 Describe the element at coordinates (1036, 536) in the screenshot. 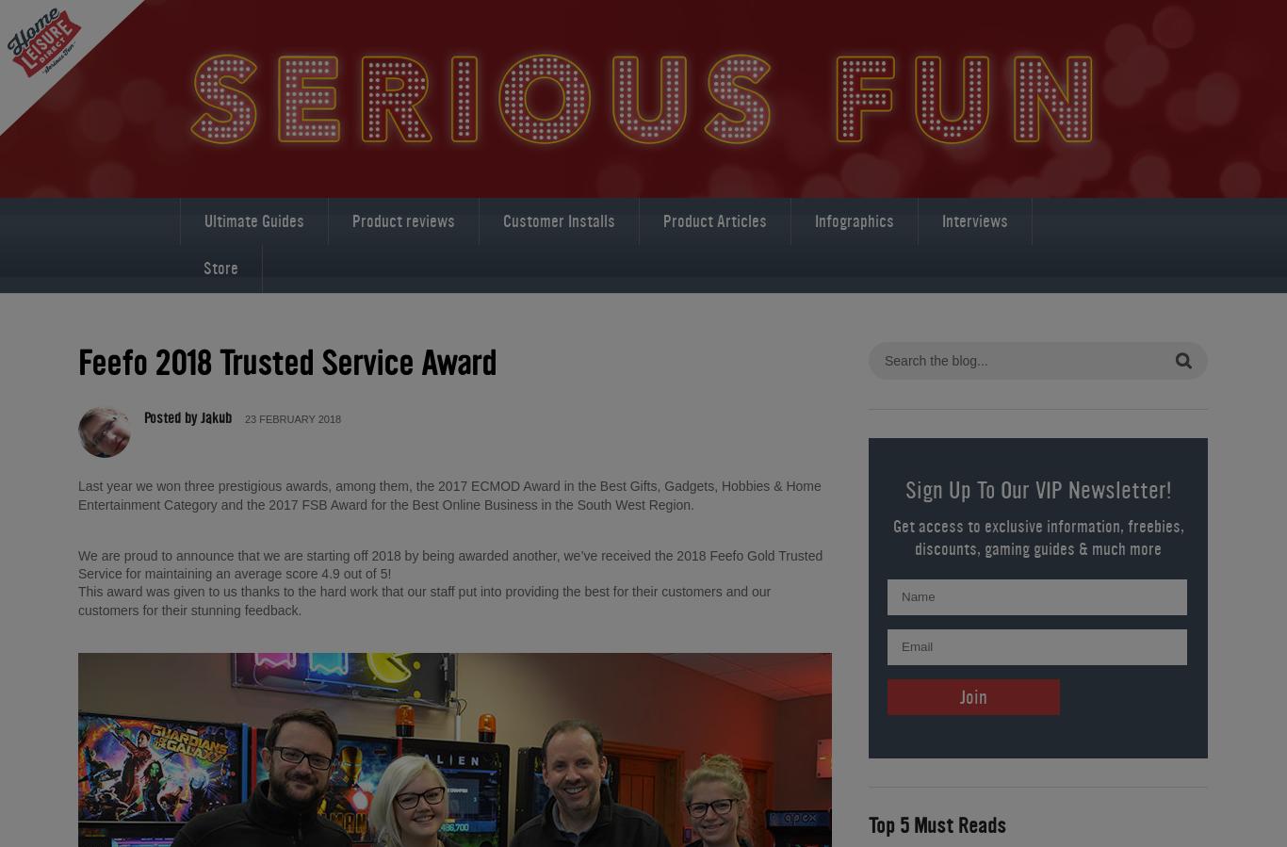

I see `'Get access to exclusive information, freebies, discounts, gaming guides & much more'` at that location.